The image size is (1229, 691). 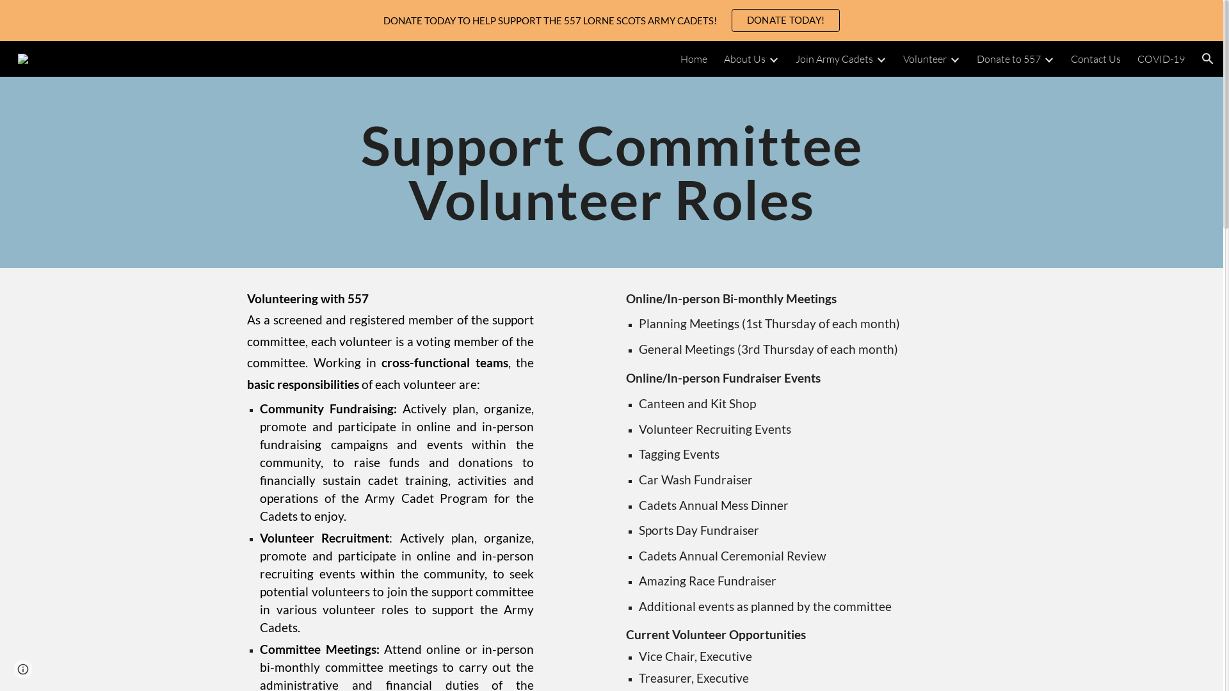 What do you see at coordinates (679, 59) in the screenshot?
I see `'Home'` at bounding box center [679, 59].